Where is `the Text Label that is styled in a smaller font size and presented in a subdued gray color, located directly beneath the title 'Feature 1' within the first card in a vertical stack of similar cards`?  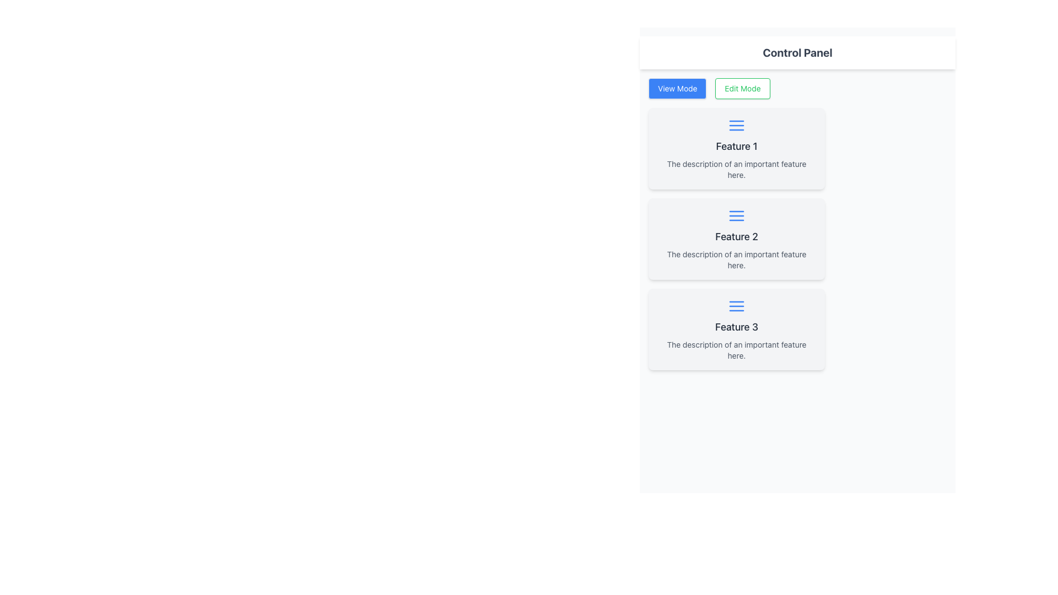 the Text Label that is styled in a smaller font size and presented in a subdued gray color, located directly beneath the title 'Feature 1' within the first card in a vertical stack of similar cards is located at coordinates (737, 170).